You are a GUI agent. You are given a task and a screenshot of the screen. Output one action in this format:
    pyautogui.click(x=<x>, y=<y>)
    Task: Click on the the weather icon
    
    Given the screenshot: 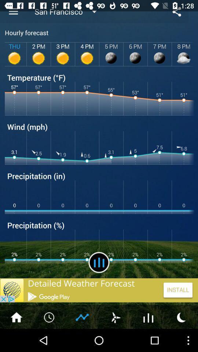 What is the action you would take?
    pyautogui.click(x=115, y=339)
    